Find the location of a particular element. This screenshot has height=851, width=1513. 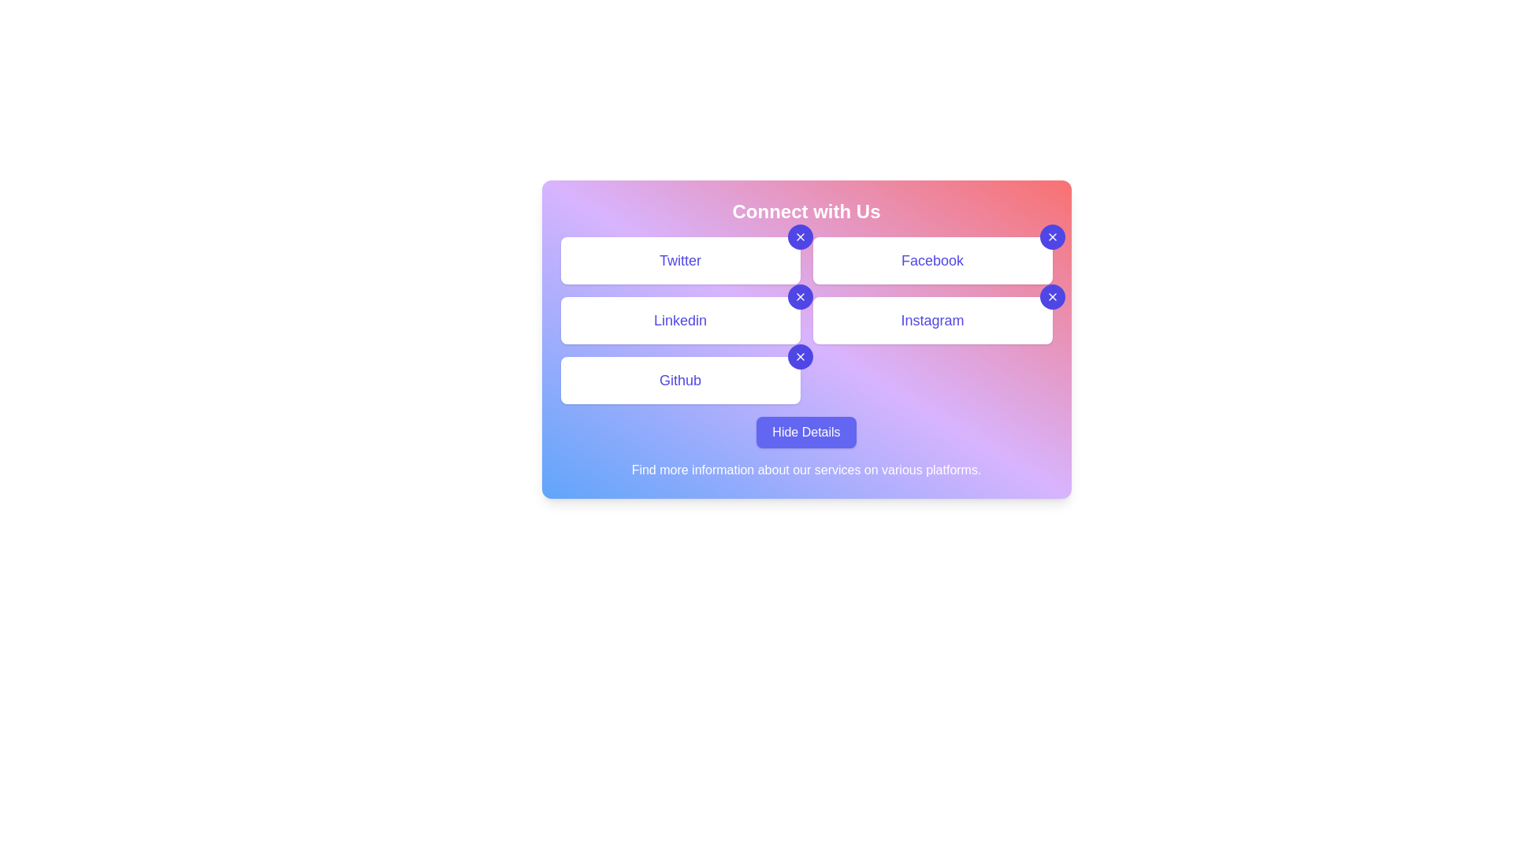

the close button located at the top-right corner of the 'Github' card is located at coordinates (800, 356).